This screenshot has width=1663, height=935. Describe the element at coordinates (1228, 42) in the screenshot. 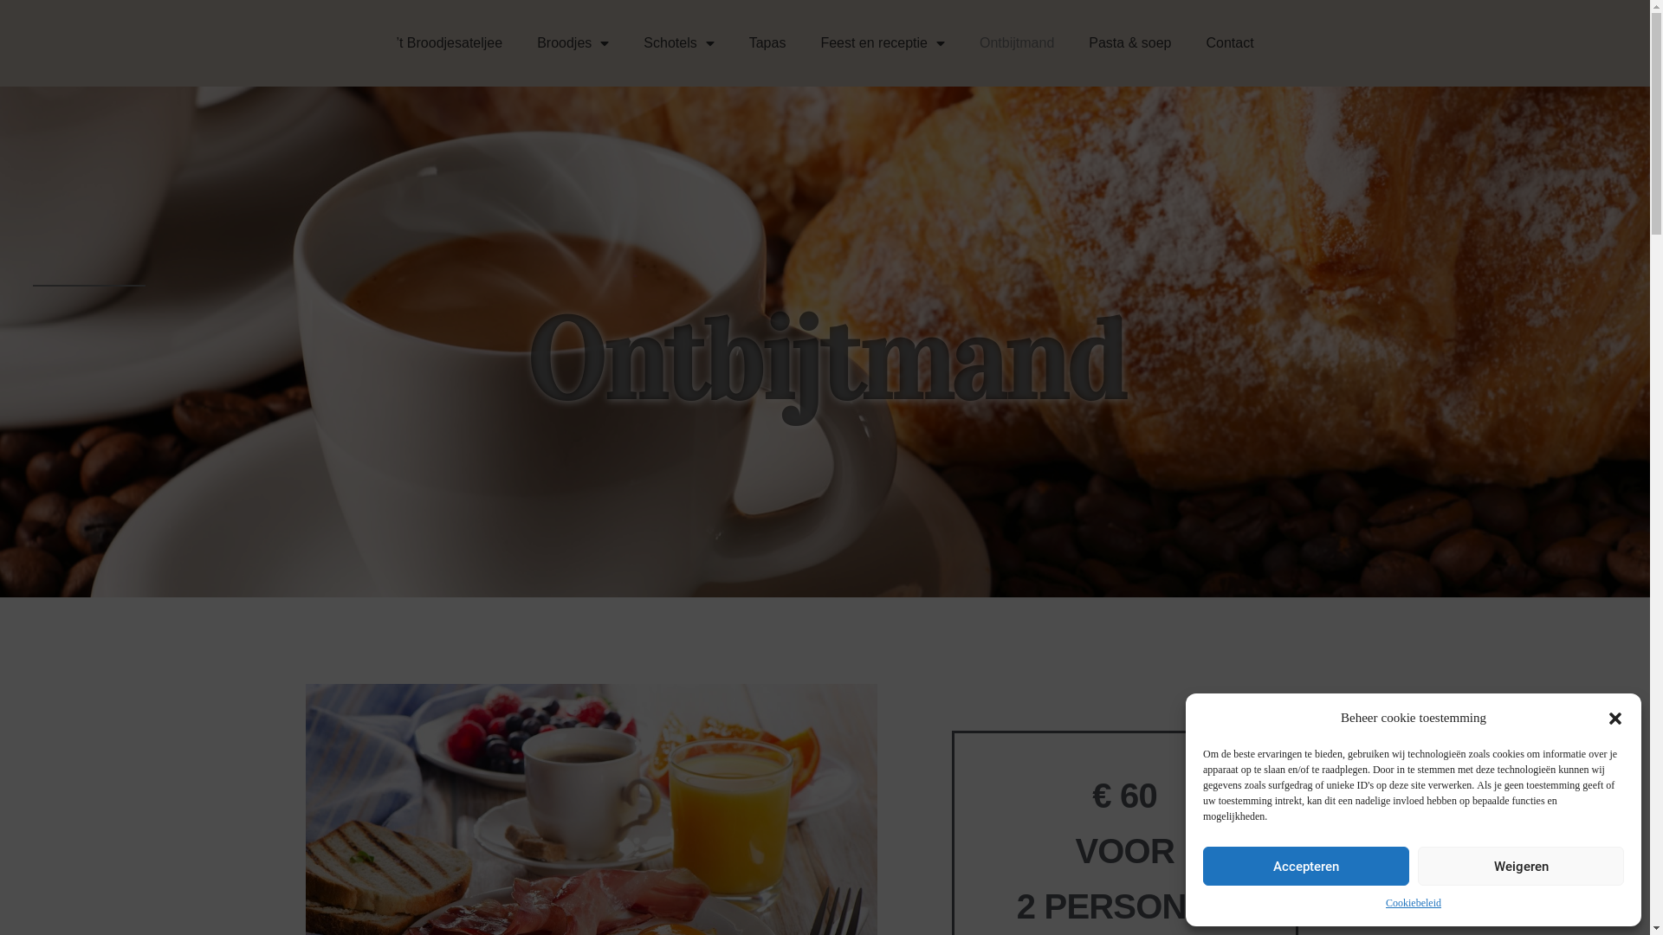

I see `'Contact'` at that location.